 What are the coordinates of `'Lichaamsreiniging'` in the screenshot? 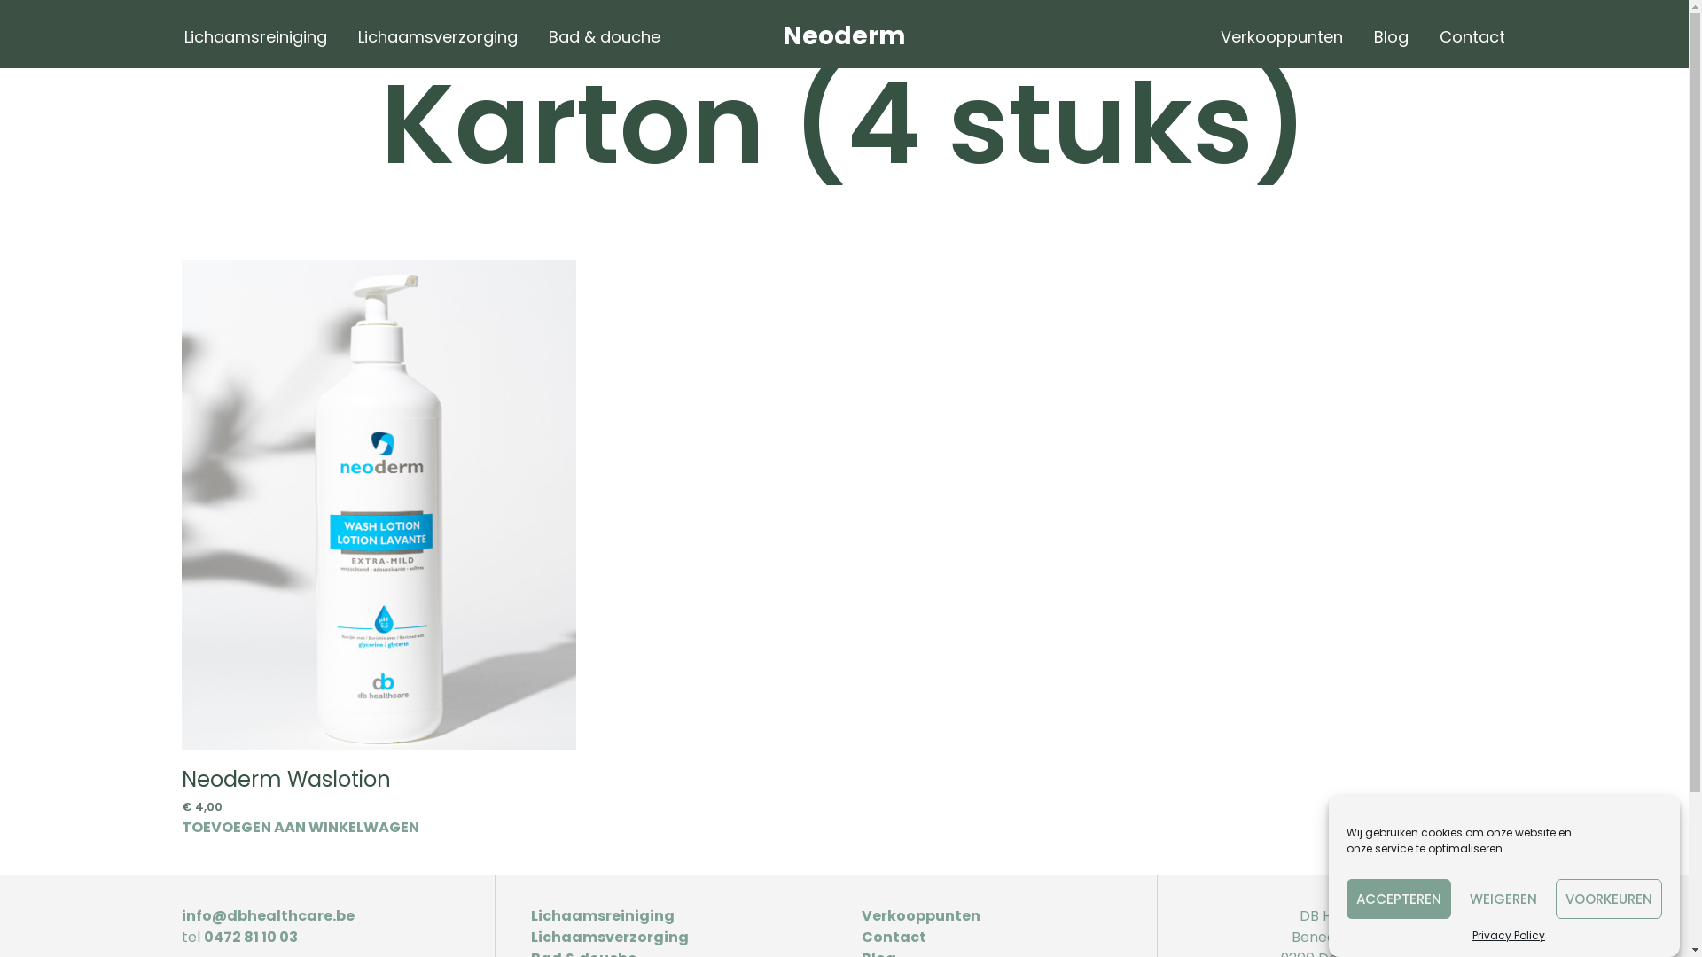 It's located at (170, 36).